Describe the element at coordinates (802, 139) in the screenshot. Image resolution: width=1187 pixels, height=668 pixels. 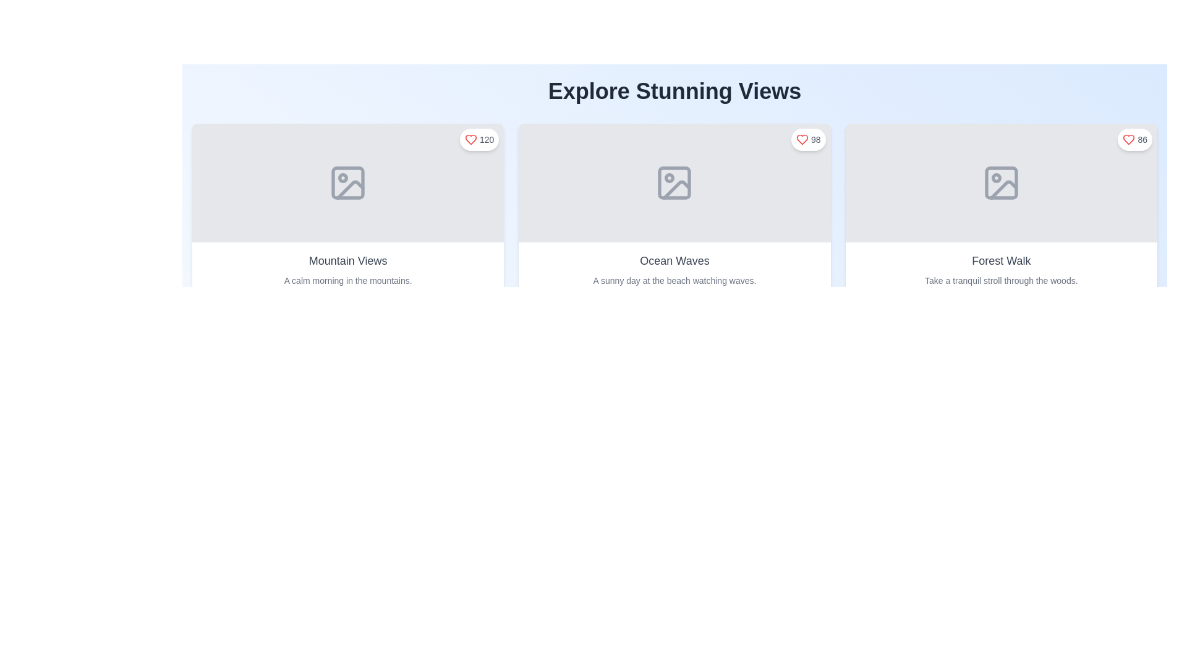
I see `the heart-shaped icon representing the 'like' or 'favorite' feature for the 'Ocean Waves' content, located at the top-right corner of the card` at that location.